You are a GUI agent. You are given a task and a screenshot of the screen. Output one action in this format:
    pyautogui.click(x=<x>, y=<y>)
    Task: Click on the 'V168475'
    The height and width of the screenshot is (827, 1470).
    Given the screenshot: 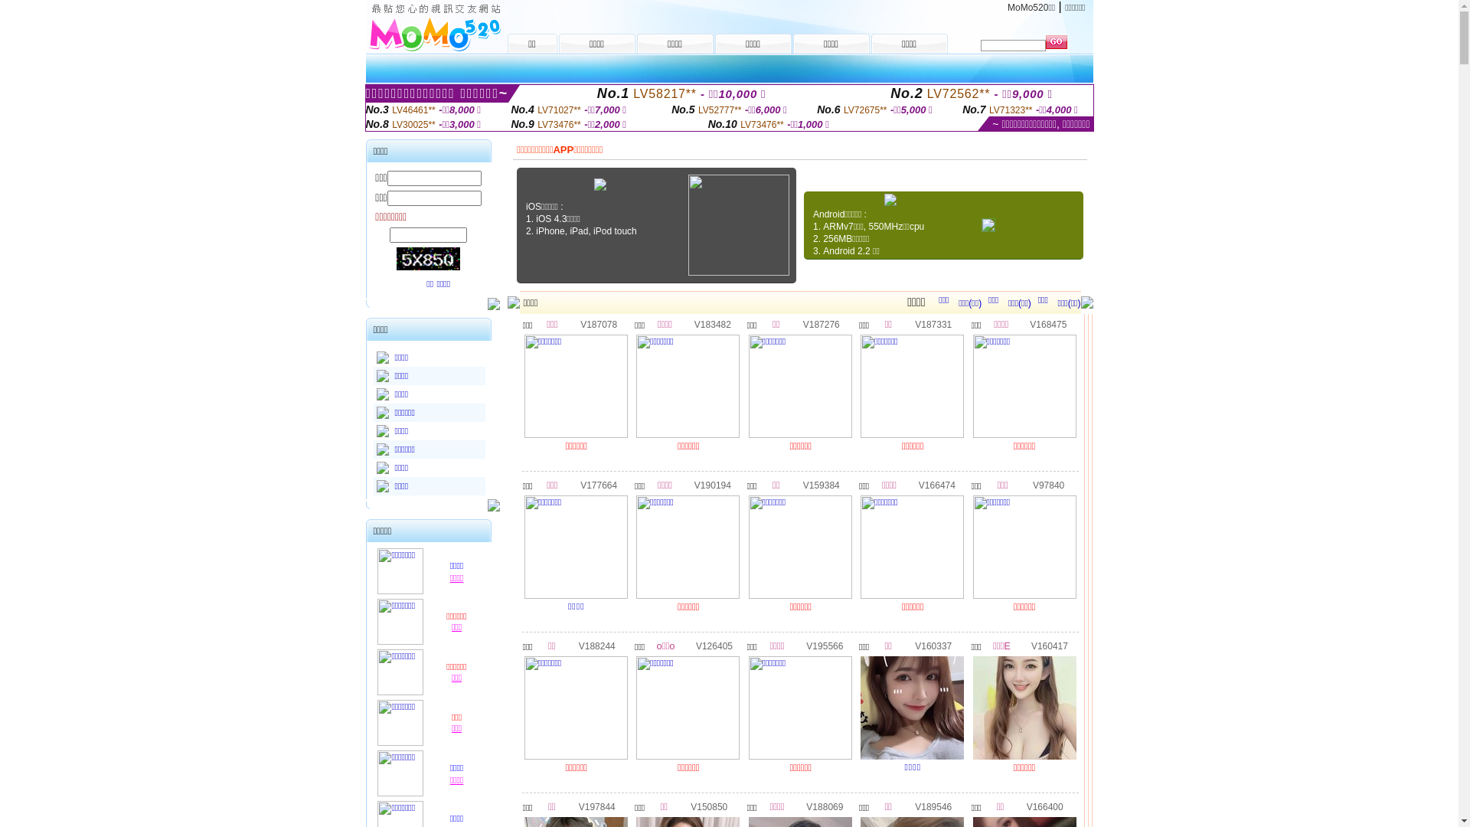 What is the action you would take?
    pyautogui.click(x=1047, y=323)
    